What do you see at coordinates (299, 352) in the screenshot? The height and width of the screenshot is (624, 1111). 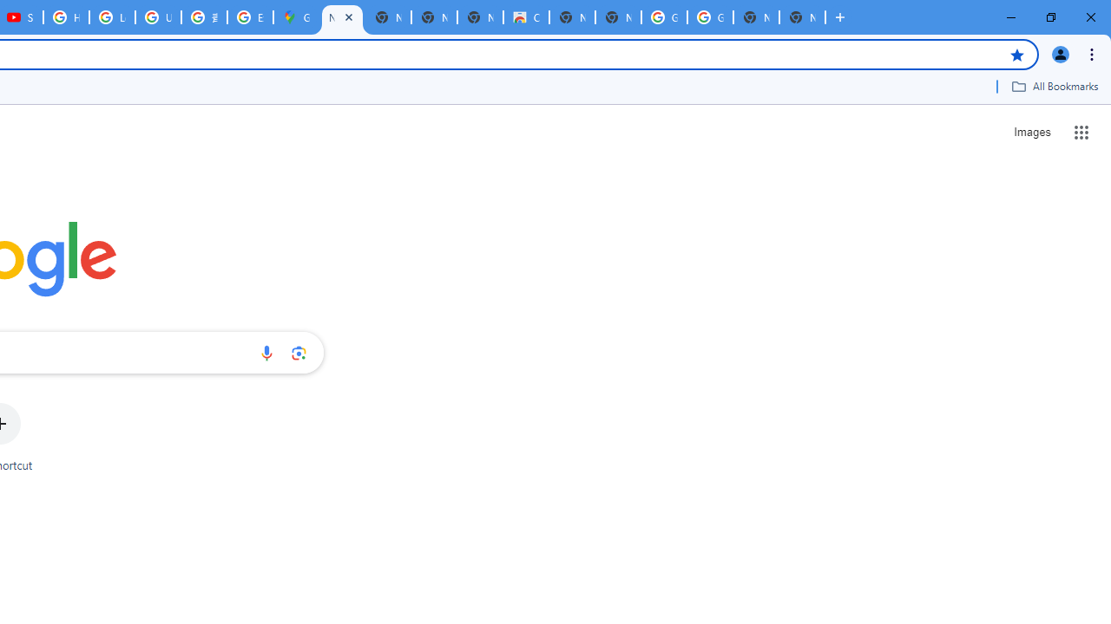 I see `'Search by image'` at bounding box center [299, 352].